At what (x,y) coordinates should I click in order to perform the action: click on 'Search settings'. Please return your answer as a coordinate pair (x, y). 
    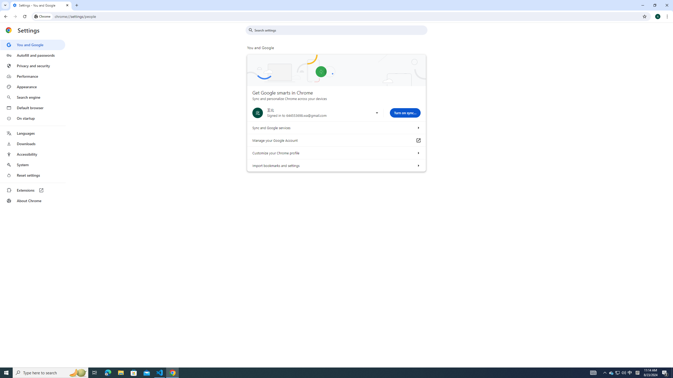
    Looking at the image, I should click on (340, 30).